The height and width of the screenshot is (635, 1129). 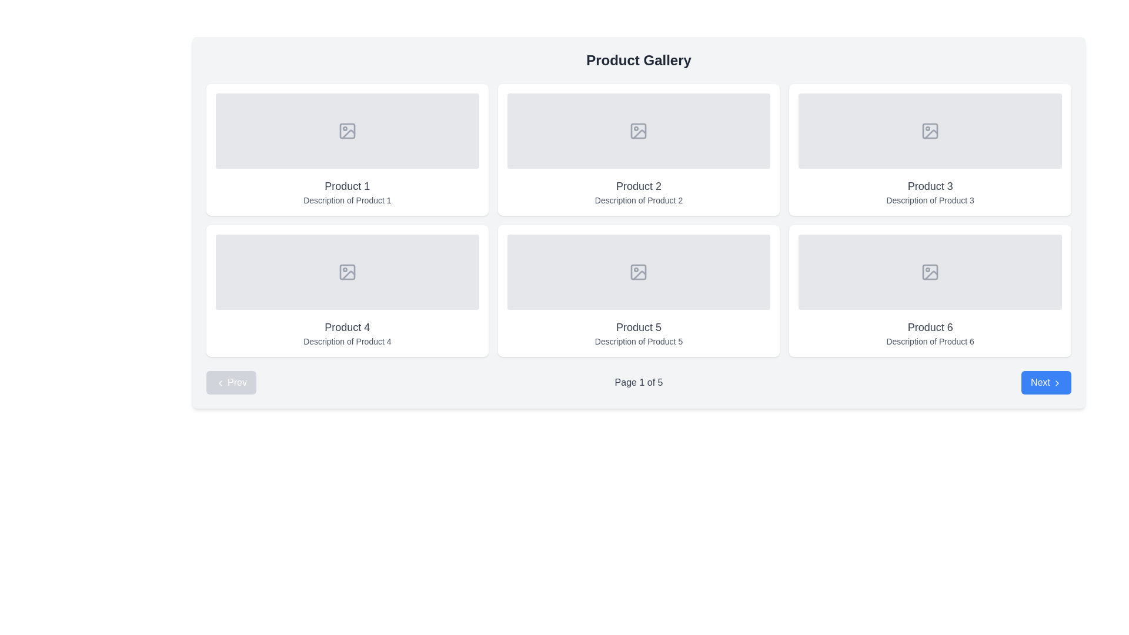 What do you see at coordinates (930, 131) in the screenshot?
I see `the image placeholder for 'Product 3,' located in the top row of the grid, third column from the left` at bounding box center [930, 131].